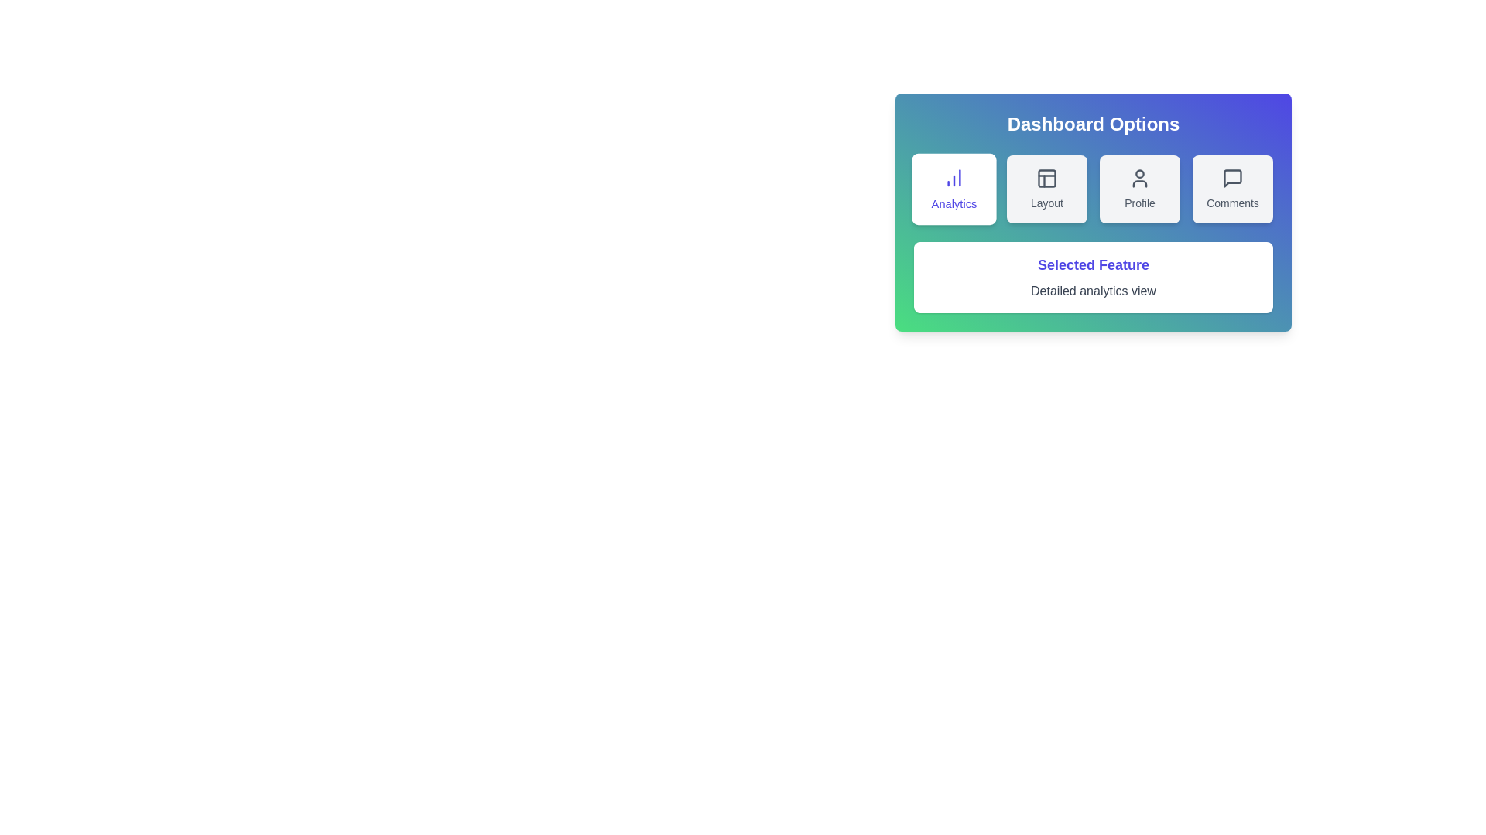 Image resolution: width=1486 pixels, height=835 pixels. I want to click on the Comments button to select the respective dashboard option, so click(1232, 189).